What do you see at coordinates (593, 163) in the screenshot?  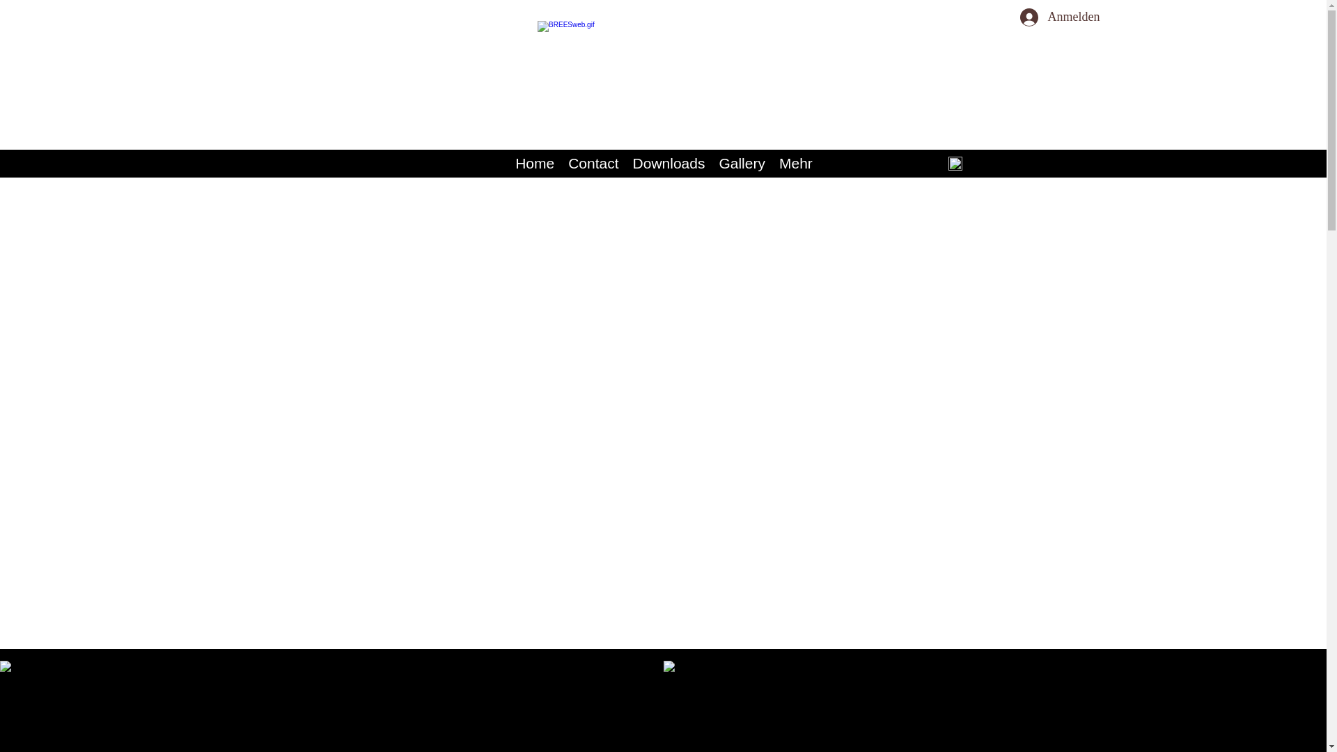 I see `'Contact'` at bounding box center [593, 163].